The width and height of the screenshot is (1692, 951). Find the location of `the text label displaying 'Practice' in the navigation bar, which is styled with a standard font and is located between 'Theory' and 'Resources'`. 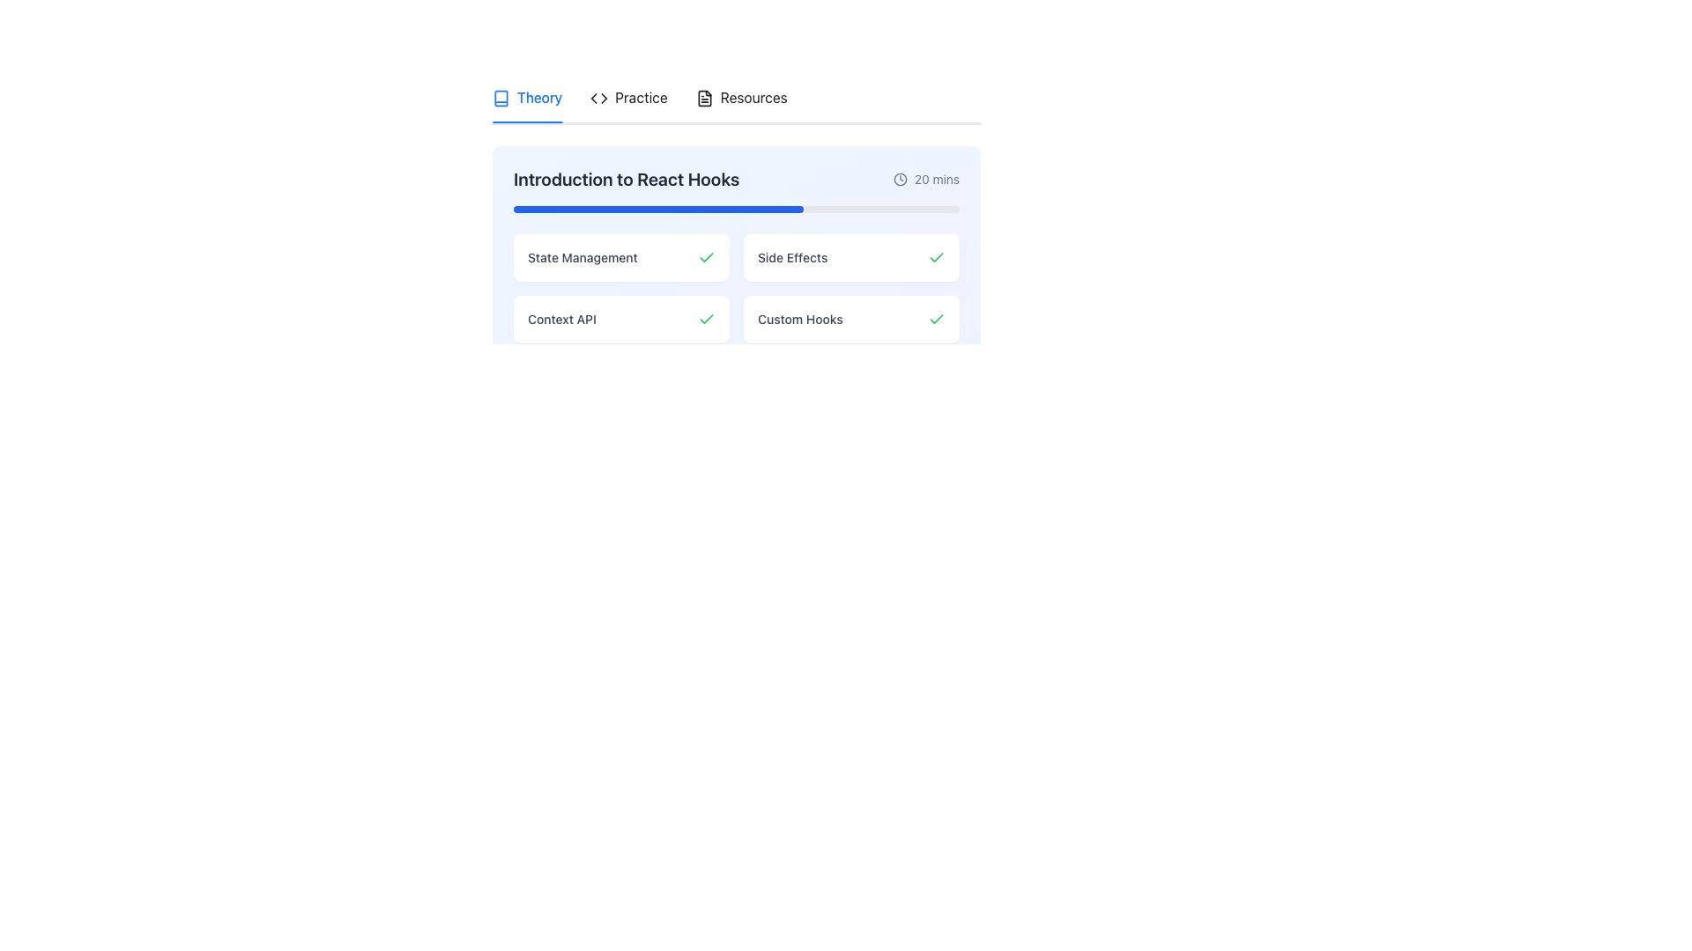

the text label displaying 'Practice' in the navigation bar, which is styled with a standard font and is located between 'Theory' and 'Resources' is located at coordinates (640, 98).